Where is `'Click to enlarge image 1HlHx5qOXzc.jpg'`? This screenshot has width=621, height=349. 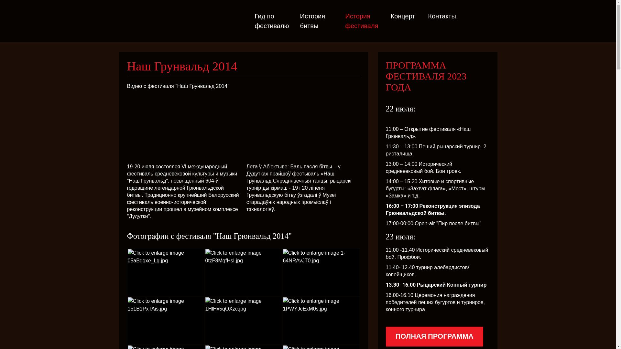 'Click to enlarge image 1HlHx5qOXzc.jpg' is located at coordinates (243, 321).